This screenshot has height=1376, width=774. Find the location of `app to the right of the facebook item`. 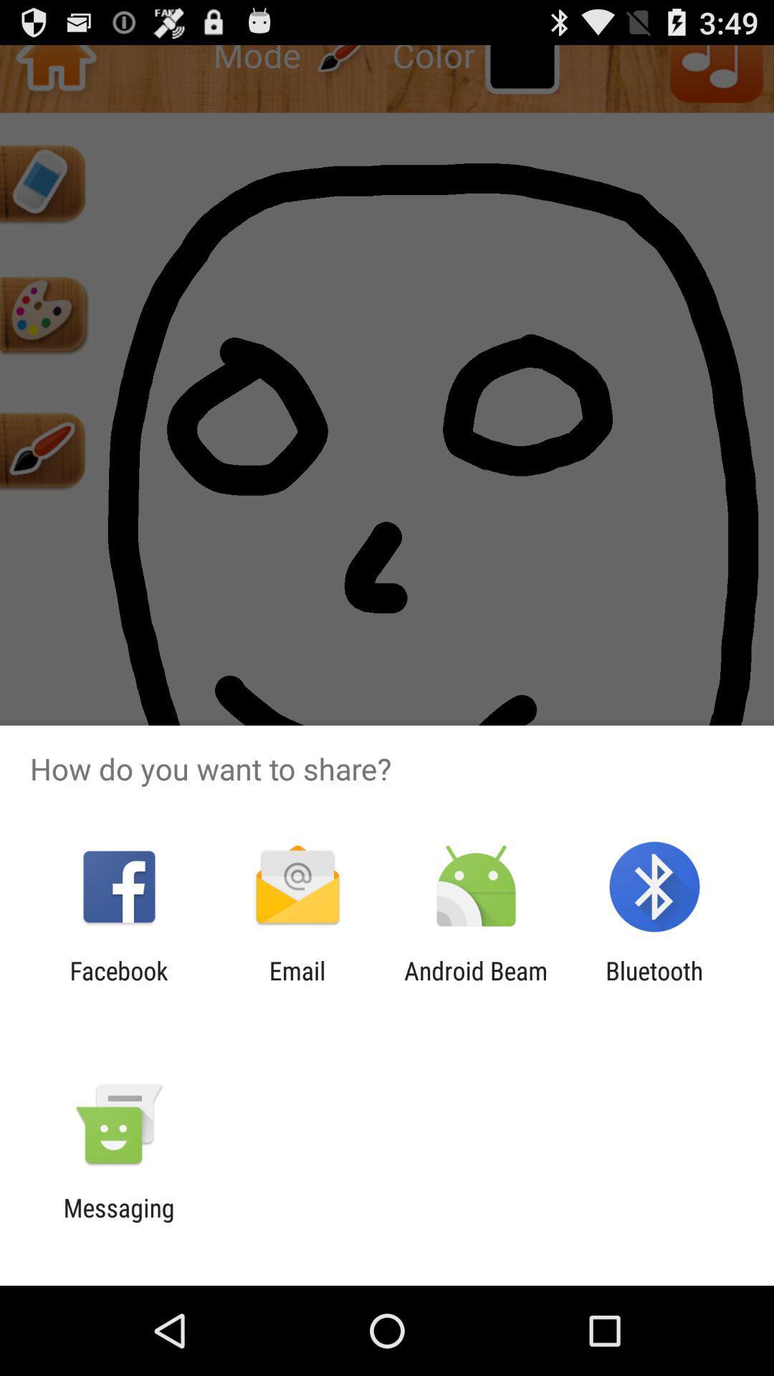

app to the right of the facebook item is located at coordinates (297, 985).